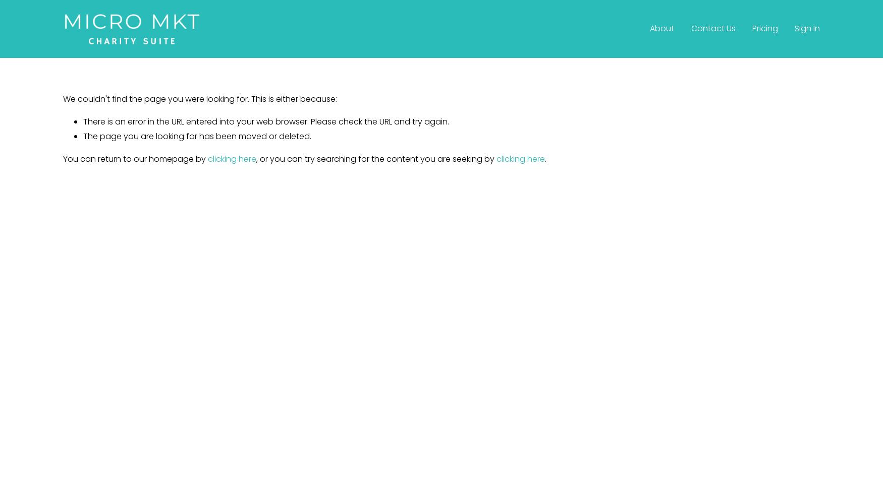 This screenshot has width=883, height=504. I want to click on ', or you can try searching for the
  content you are seeking by', so click(376, 158).